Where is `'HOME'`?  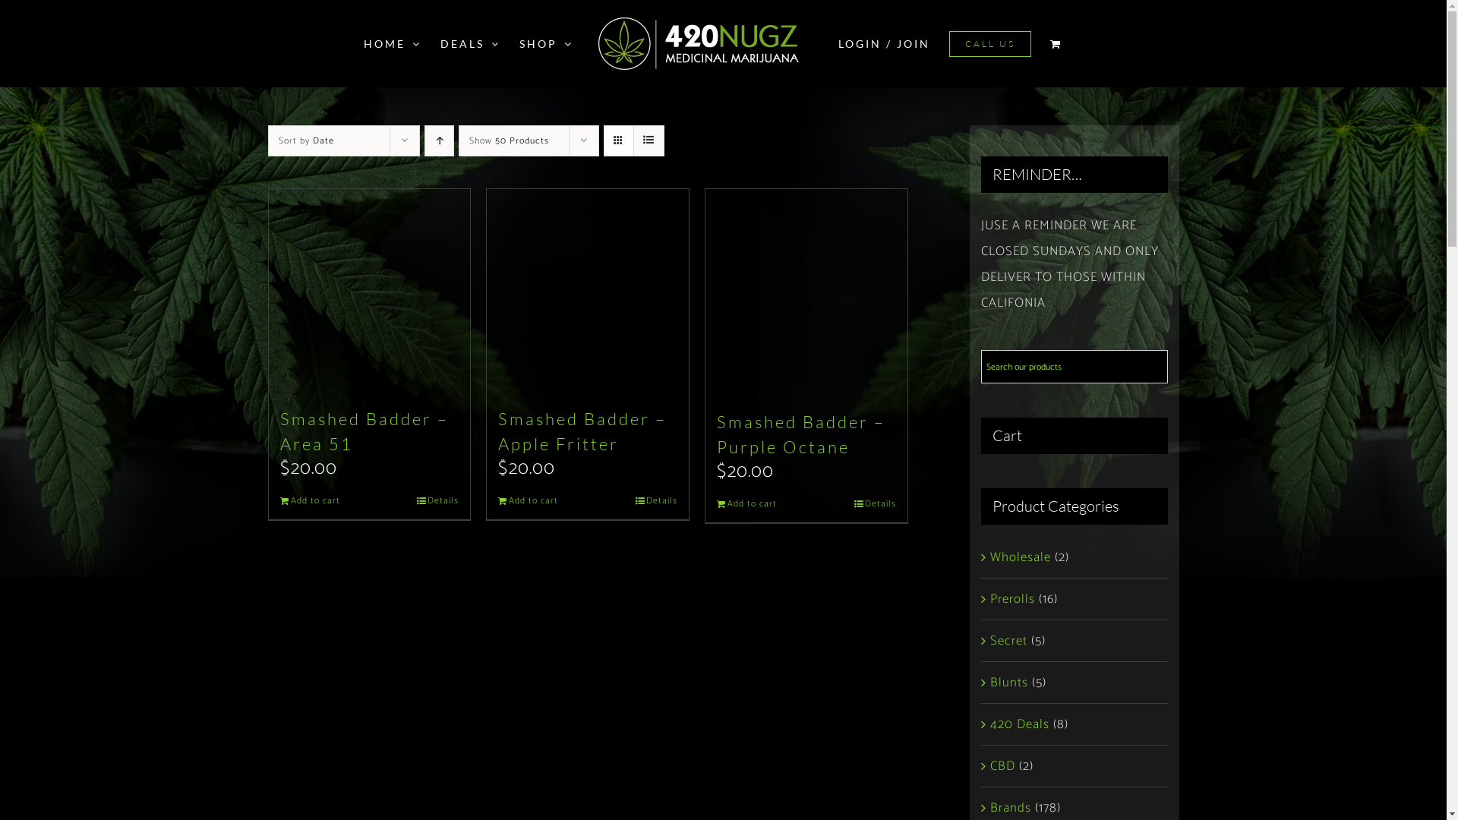
'HOME' is located at coordinates (391, 43).